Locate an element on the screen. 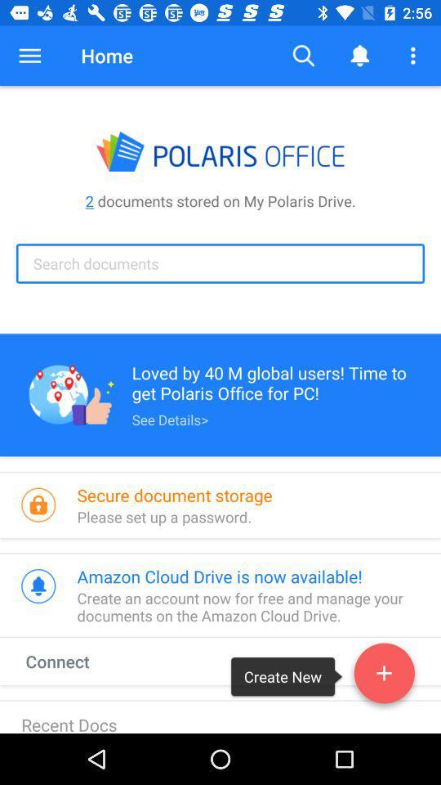  the icon above the 2 documents stored item is located at coordinates (29, 56).